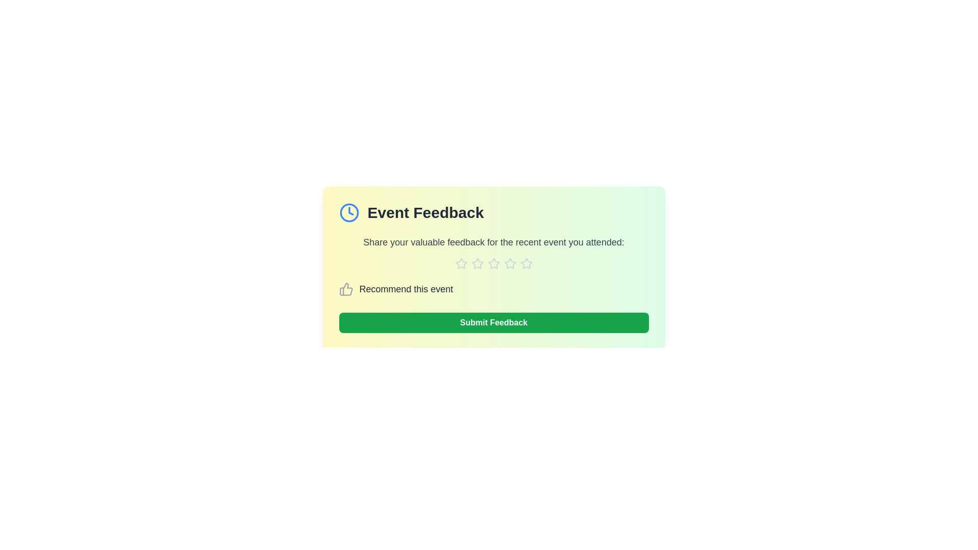 This screenshot has height=550, width=978. What do you see at coordinates (494, 263) in the screenshot?
I see `the star corresponding to 3 to assign a rating` at bounding box center [494, 263].